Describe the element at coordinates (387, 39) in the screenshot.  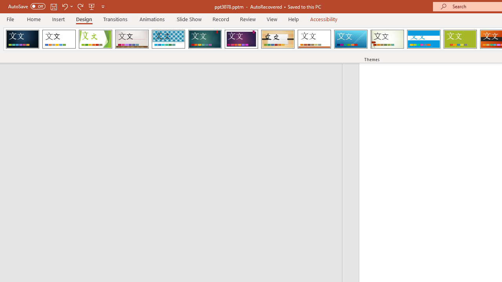
I see `'Wisp'` at that location.